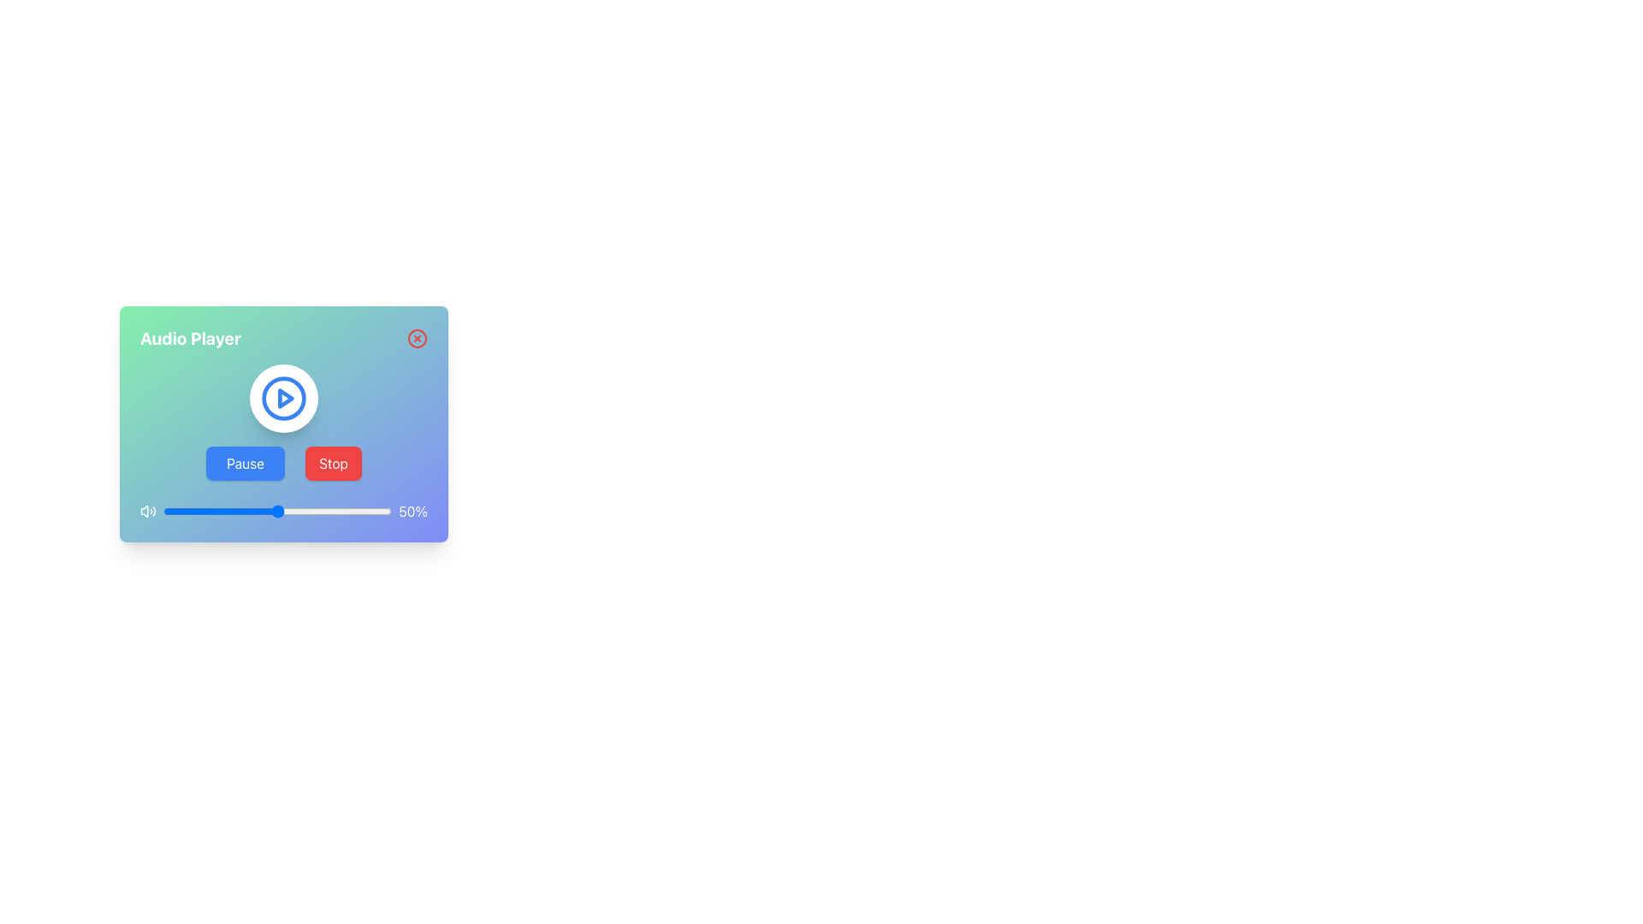 This screenshot has width=1643, height=924. Describe the element at coordinates (286, 399) in the screenshot. I see `the play button icon, which is a triangular shape inside a circular outline` at that location.